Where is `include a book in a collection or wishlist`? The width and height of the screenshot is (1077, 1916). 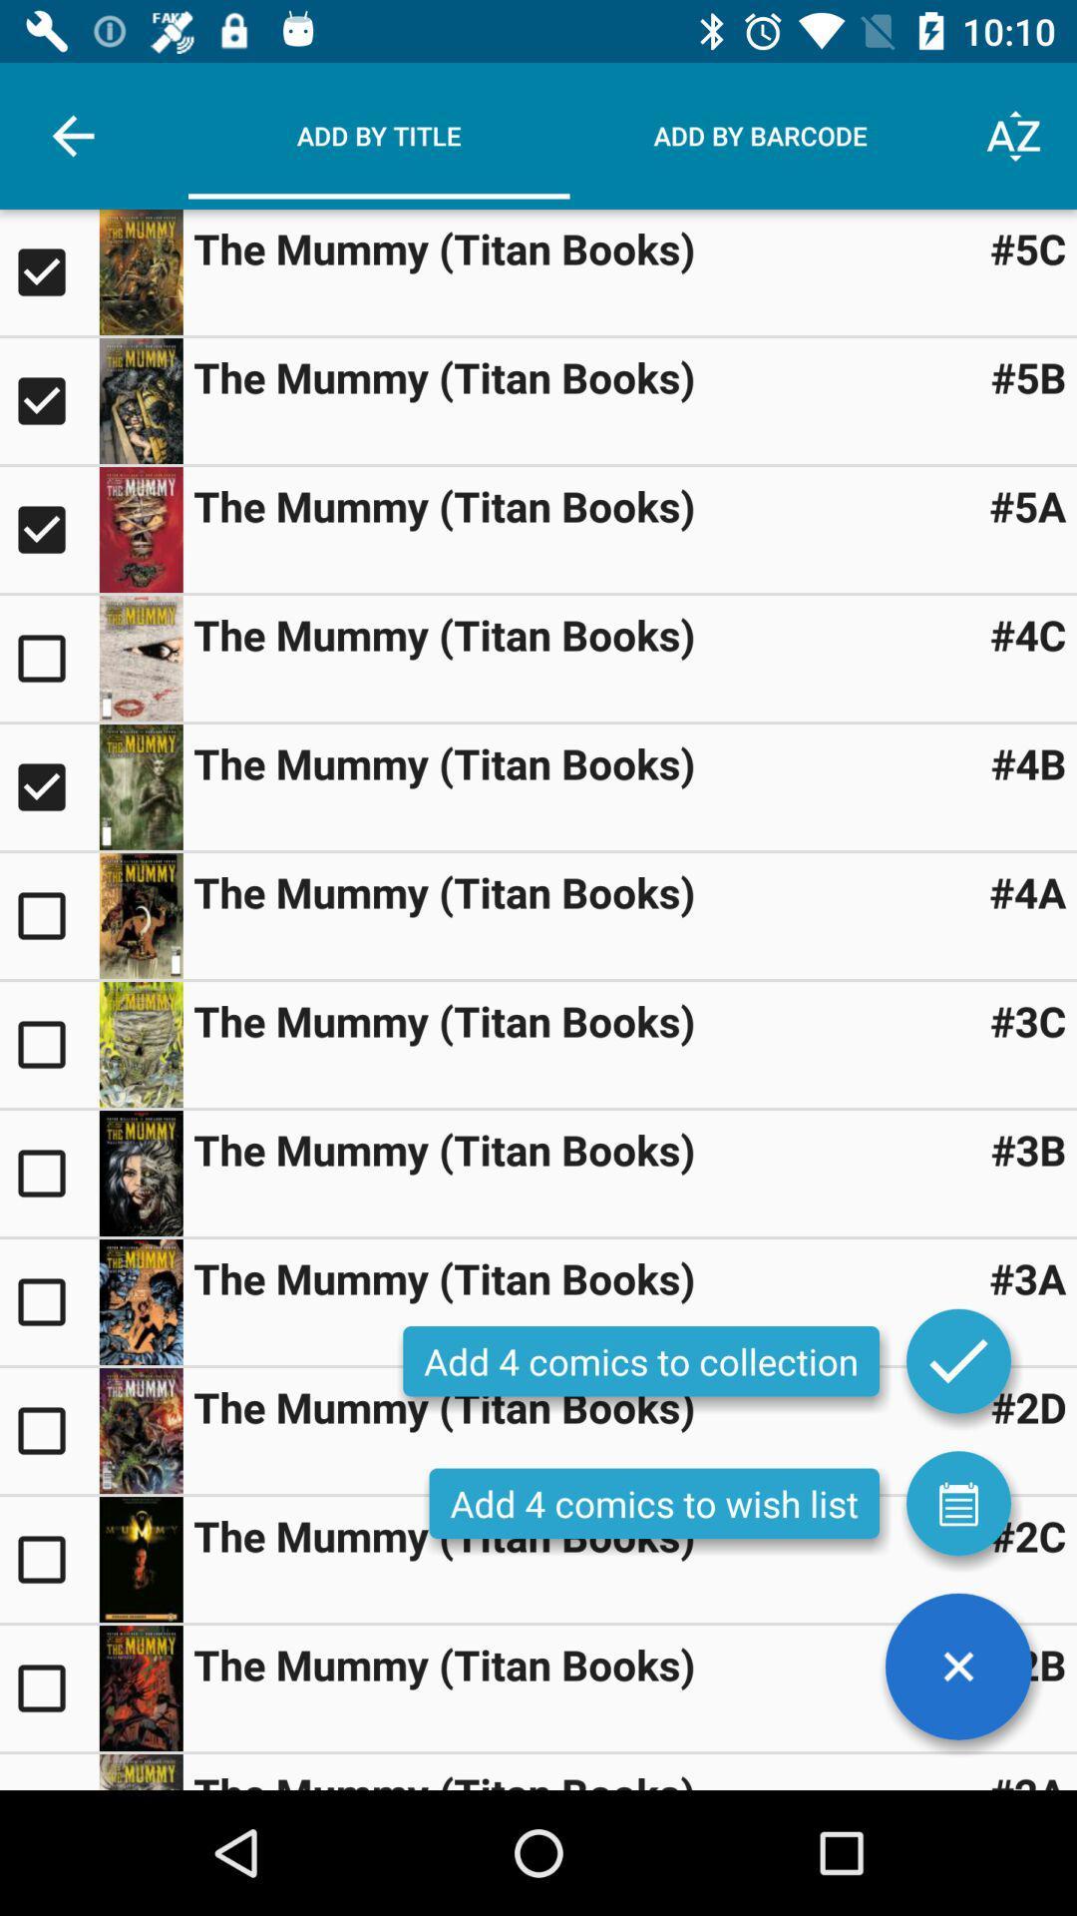
include a book in a collection or wishlist is located at coordinates (48, 659).